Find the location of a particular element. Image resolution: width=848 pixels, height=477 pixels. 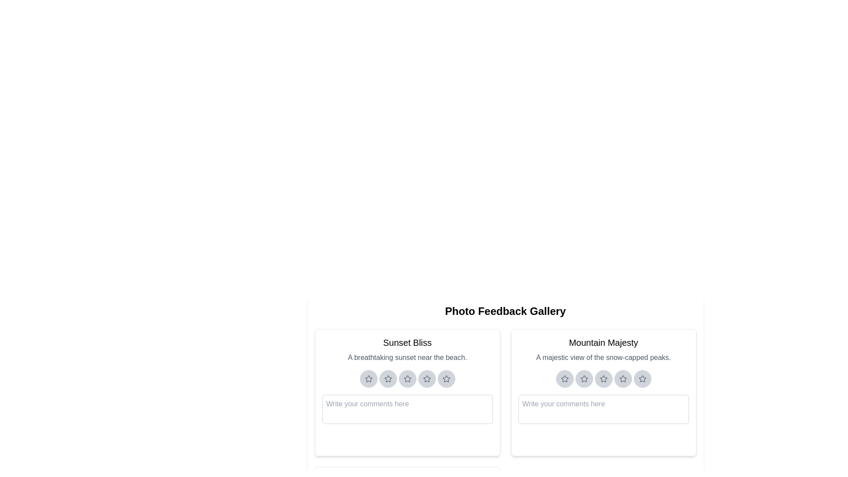

the second star icon in the rating system under 'Mountain Majesty' is located at coordinates (584, 378).